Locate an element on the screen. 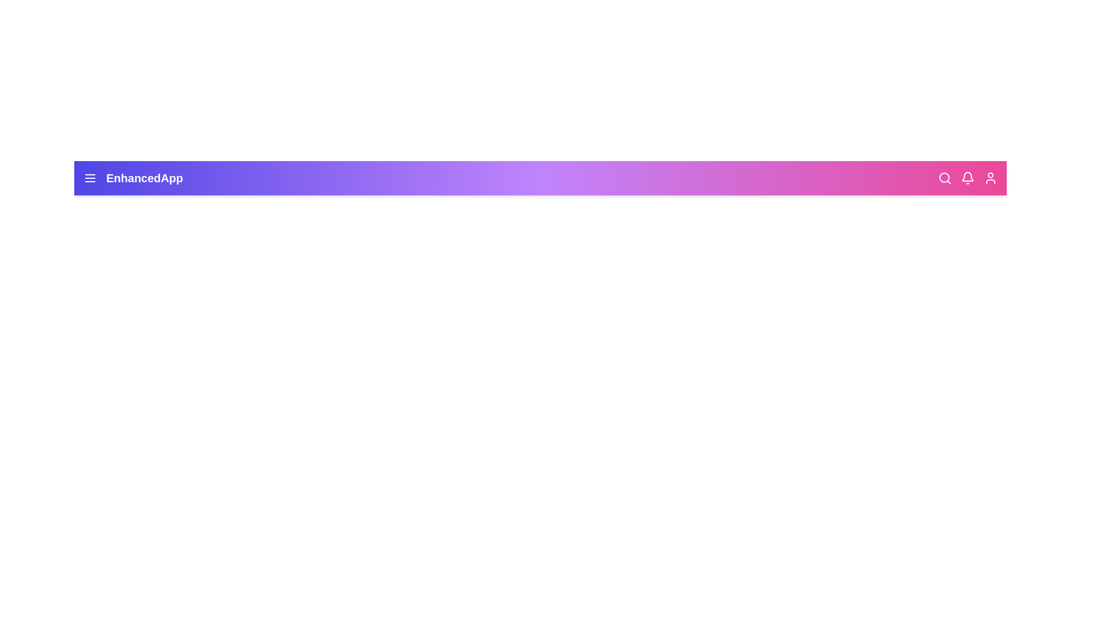 The width and height of the screenshot is (1097, 617). the menu icon to expand or collapse the navigation options is located at coordinates (90, 178).